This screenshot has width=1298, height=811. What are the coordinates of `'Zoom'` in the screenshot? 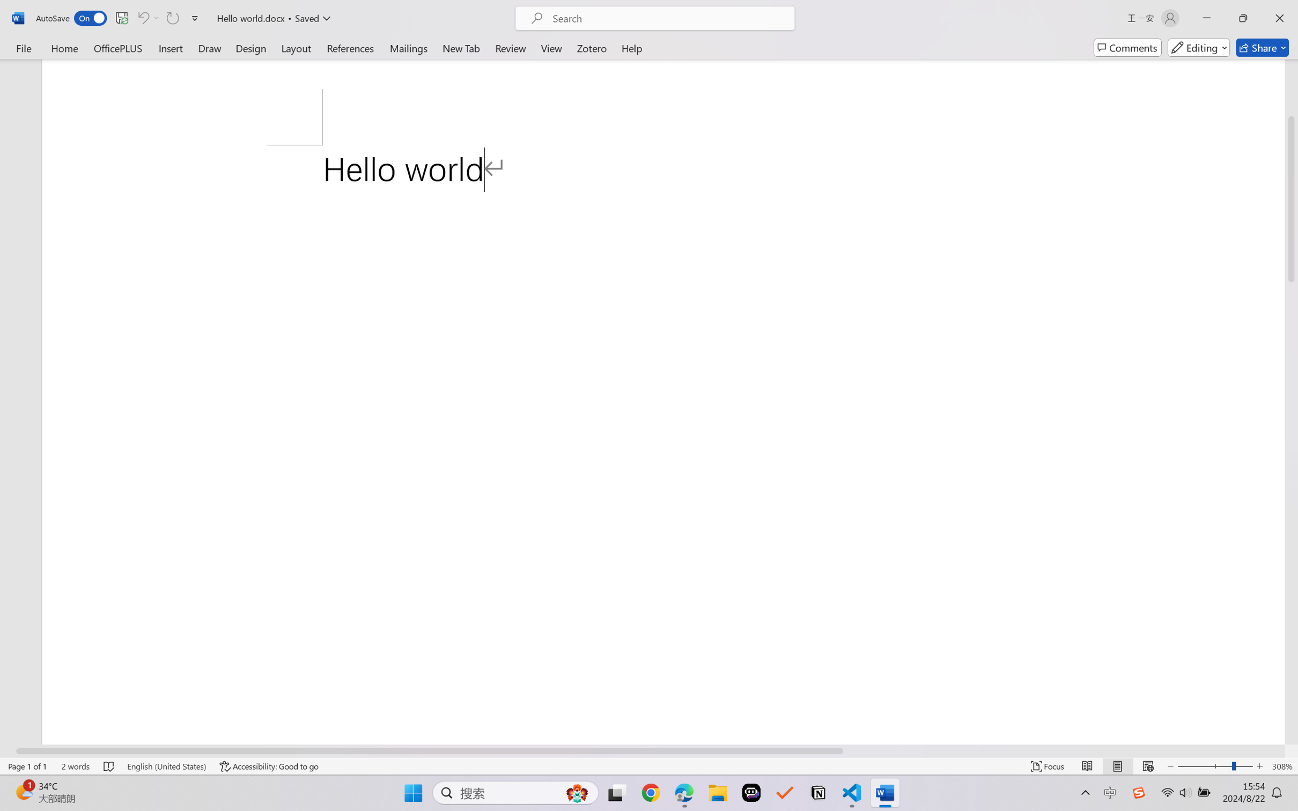 It's located at (1215, 766).